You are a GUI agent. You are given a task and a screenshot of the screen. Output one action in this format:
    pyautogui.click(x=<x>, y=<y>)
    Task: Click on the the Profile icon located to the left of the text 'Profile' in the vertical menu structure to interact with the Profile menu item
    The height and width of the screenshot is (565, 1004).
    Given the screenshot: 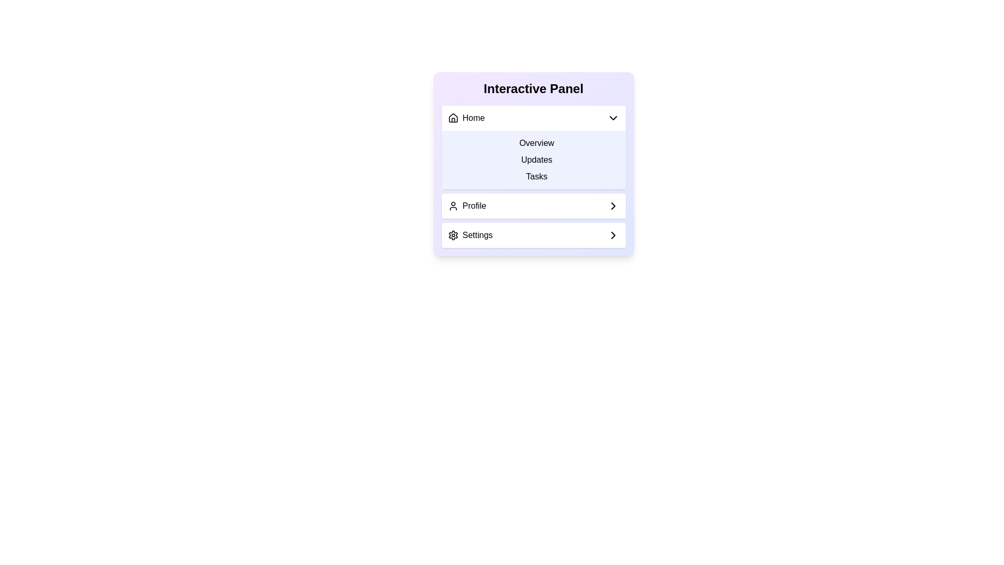 What is the action you would take?
    pyautogui.click(x=453, y=206)
    